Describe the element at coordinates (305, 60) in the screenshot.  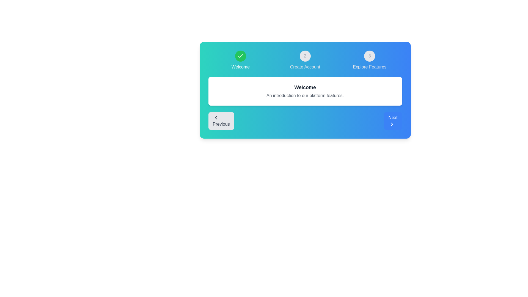
I see `the step indicator for Create Account` at that location.